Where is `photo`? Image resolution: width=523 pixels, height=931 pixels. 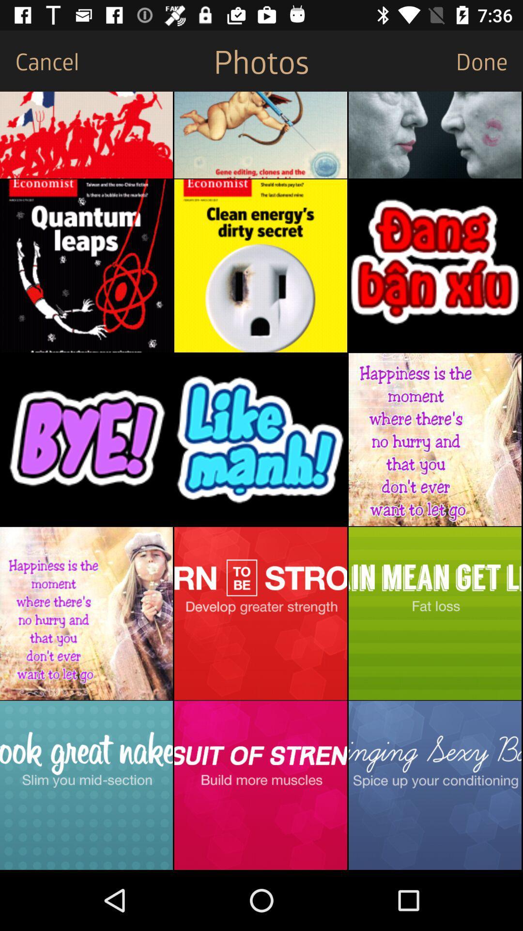 photo is located at coordinates (434, 439).